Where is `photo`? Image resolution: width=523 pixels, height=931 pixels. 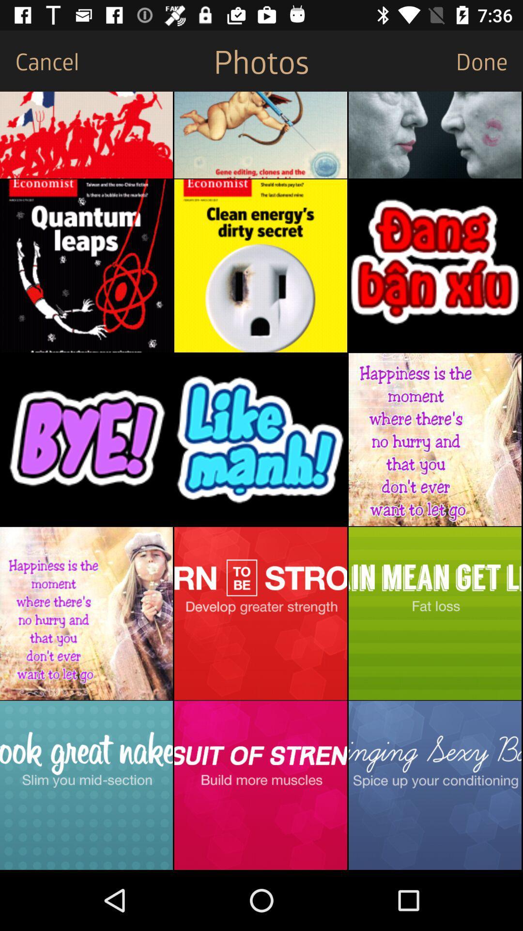 photo is located at coordinates (434, 439).